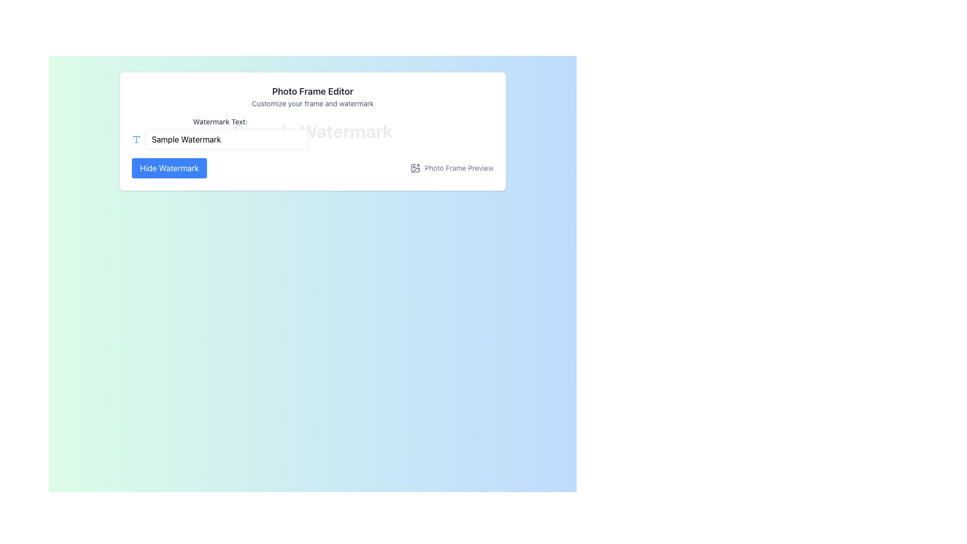 This screenshot has height=544, width=967. What do you see at coordinates (451, 168) in the screenshot?
I see `the label with icon that describes the preview feature related to photo frames, located next to the 'Hide Watermark' button in the 'Photo Frame Editor' section` at bounding box center [451, 168].